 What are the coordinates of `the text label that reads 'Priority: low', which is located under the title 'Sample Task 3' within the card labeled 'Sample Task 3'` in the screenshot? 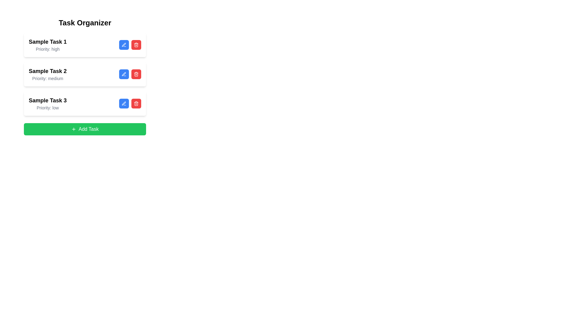 It's located at (47, 108).